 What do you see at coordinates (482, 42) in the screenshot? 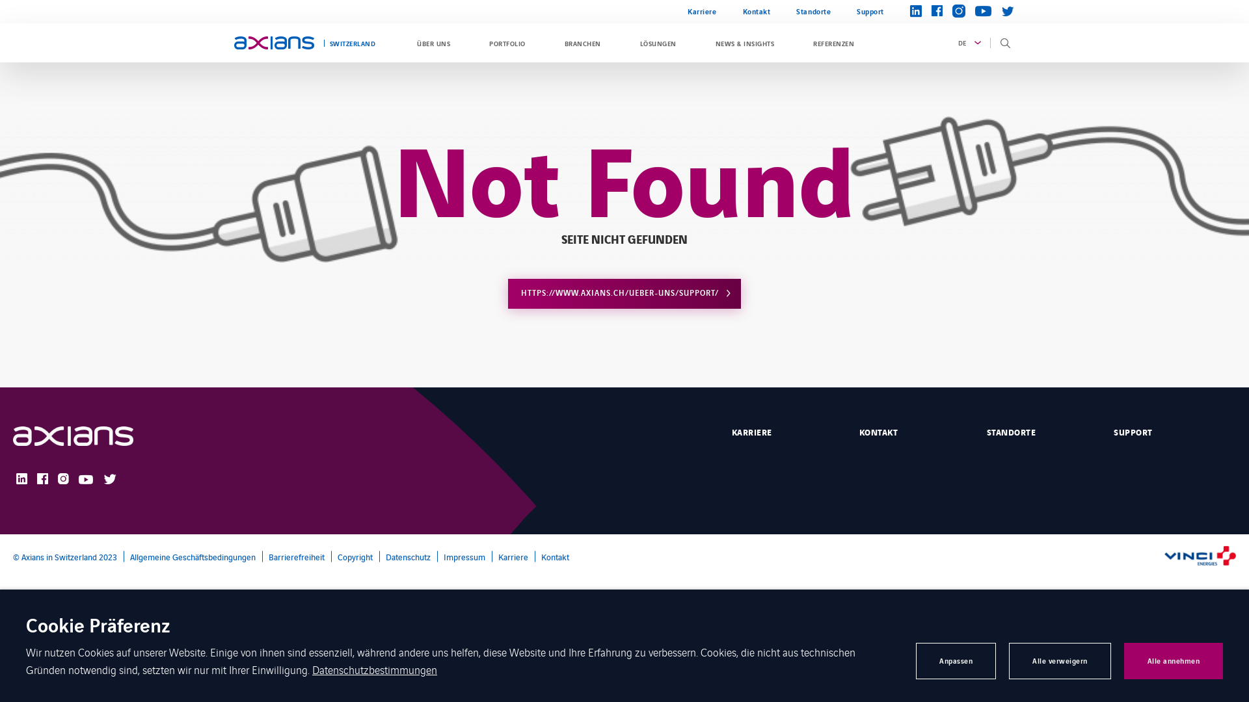
I see `'PORTFOLIO'` at bounding box center [482, 42].